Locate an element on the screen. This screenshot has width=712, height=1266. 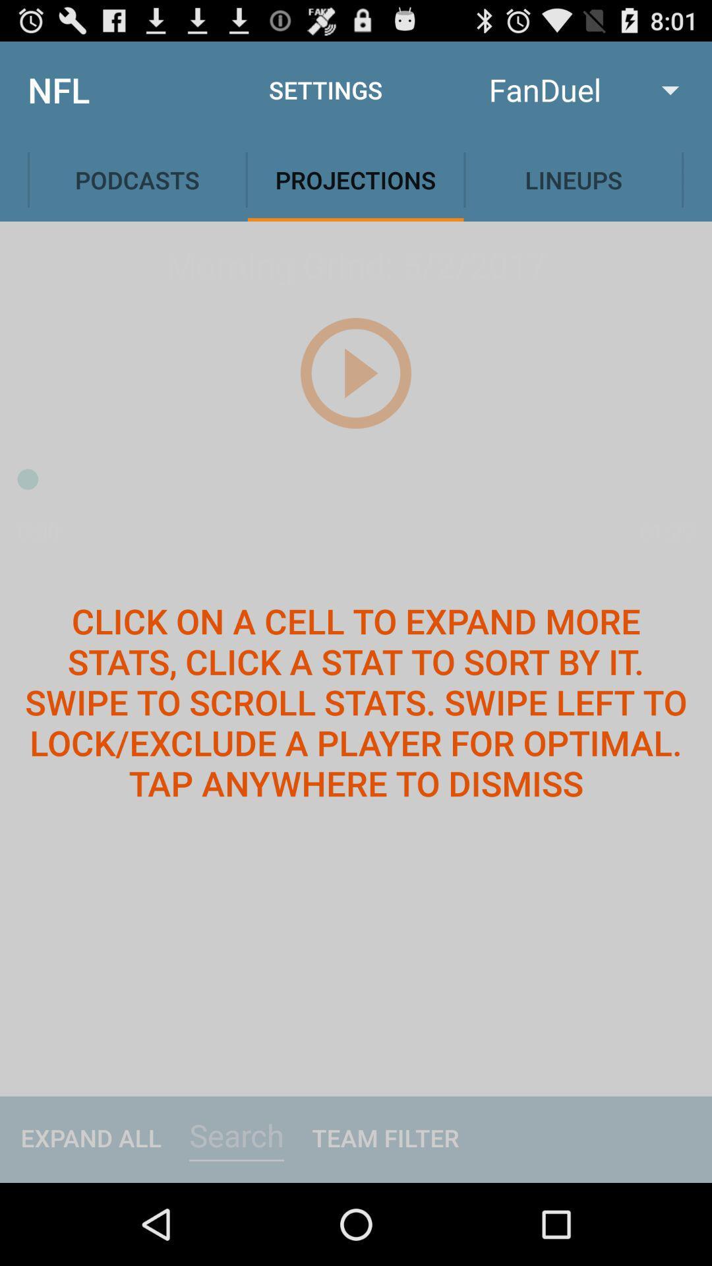
the play icon is located at coordinates (355, 373).